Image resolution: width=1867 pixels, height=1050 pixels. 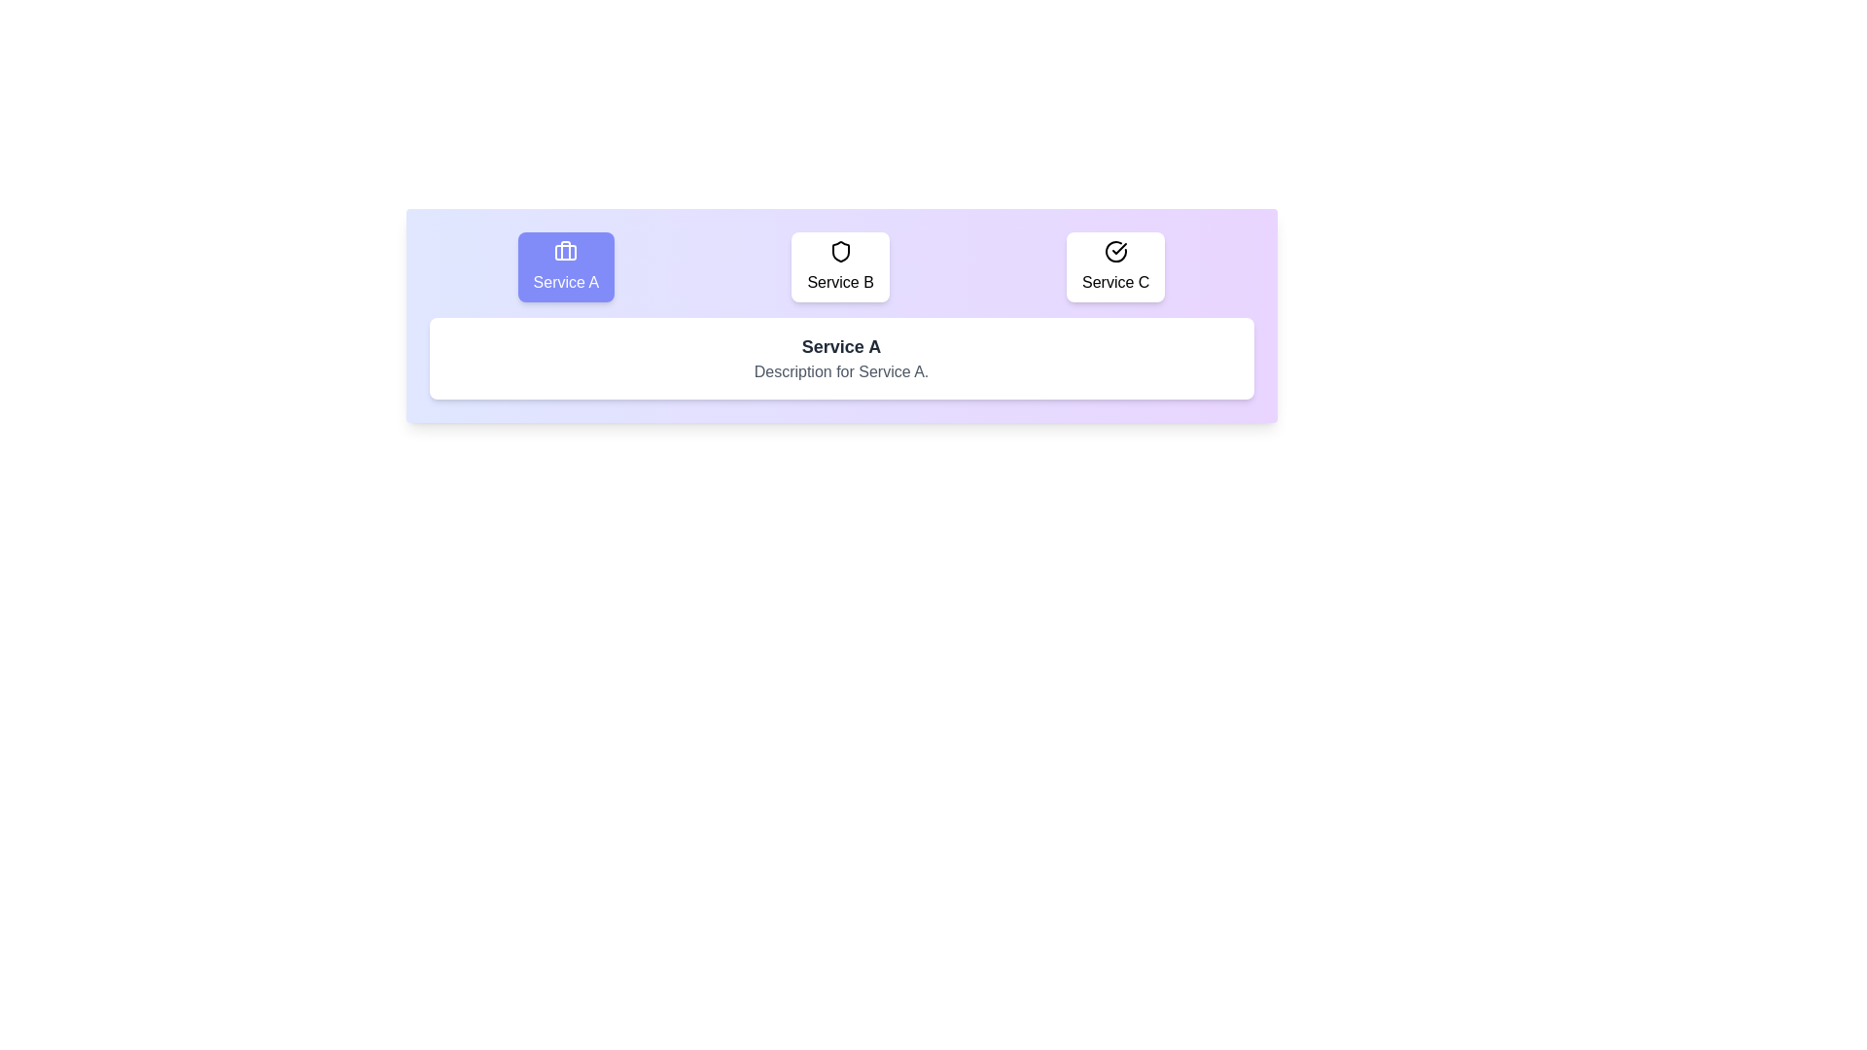 What do you see at coordinates (841, 346) in the screenshot?
I see `the text label displaying 'Service A' in bold, which is centrally located above the 'Description for Service A.' element` at bounding box center [841, 346].